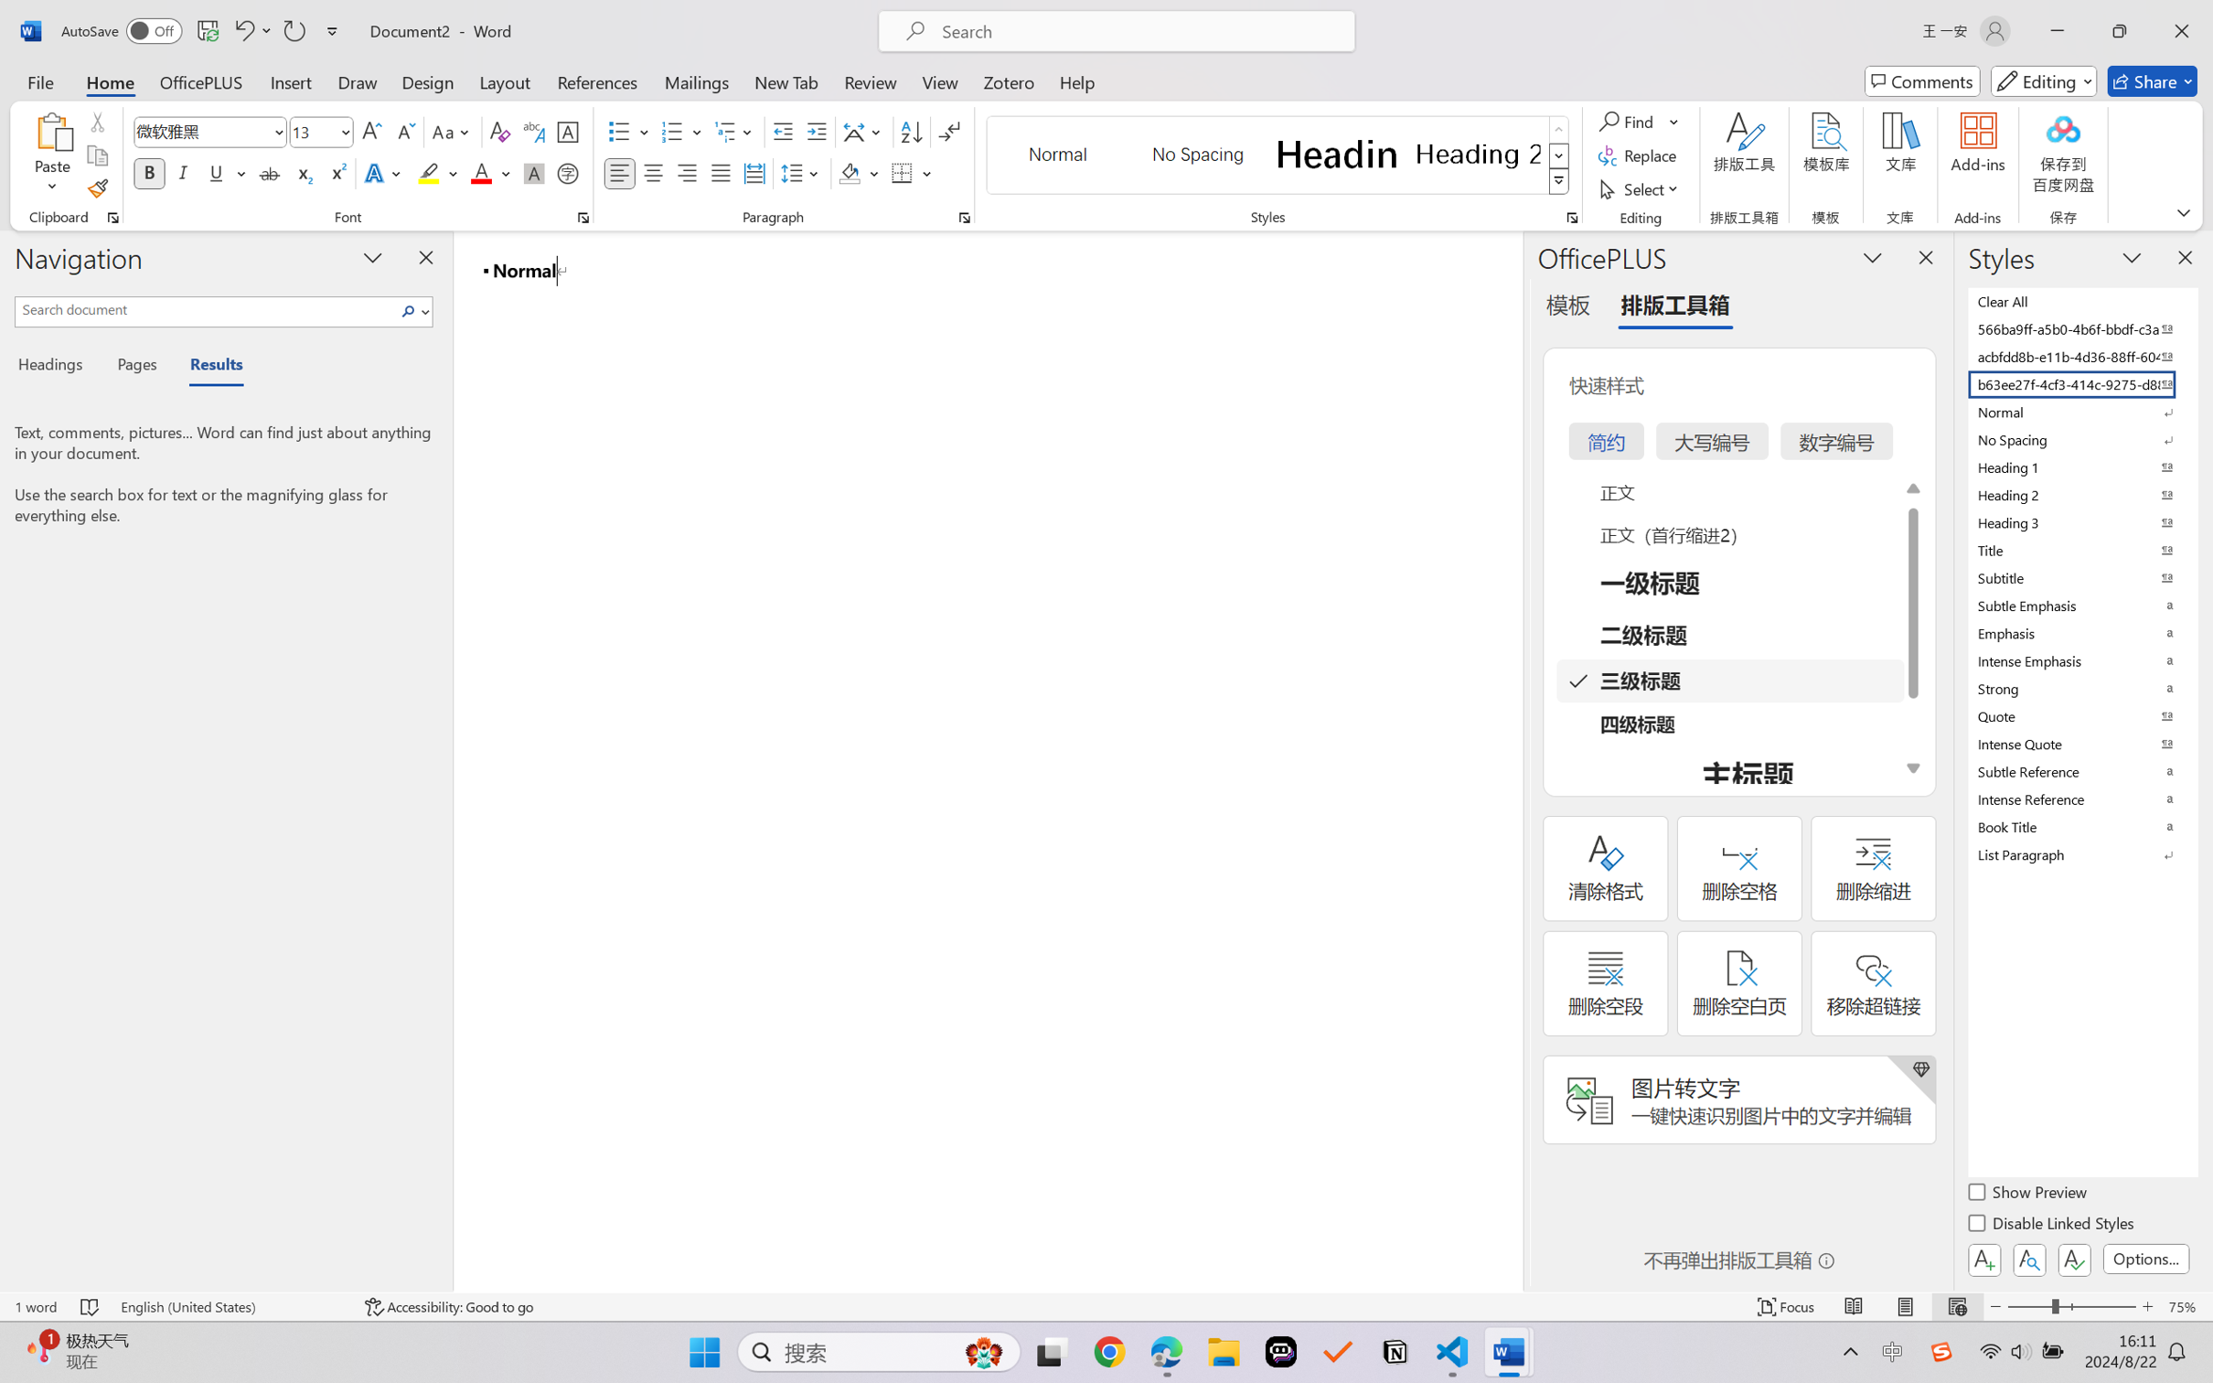 The image size is (2213, 1383). What do you see at coordinates (2080, 660) in the screenshot?
I see `'Intense Emphasis'` at bounding box center [2080, 660].